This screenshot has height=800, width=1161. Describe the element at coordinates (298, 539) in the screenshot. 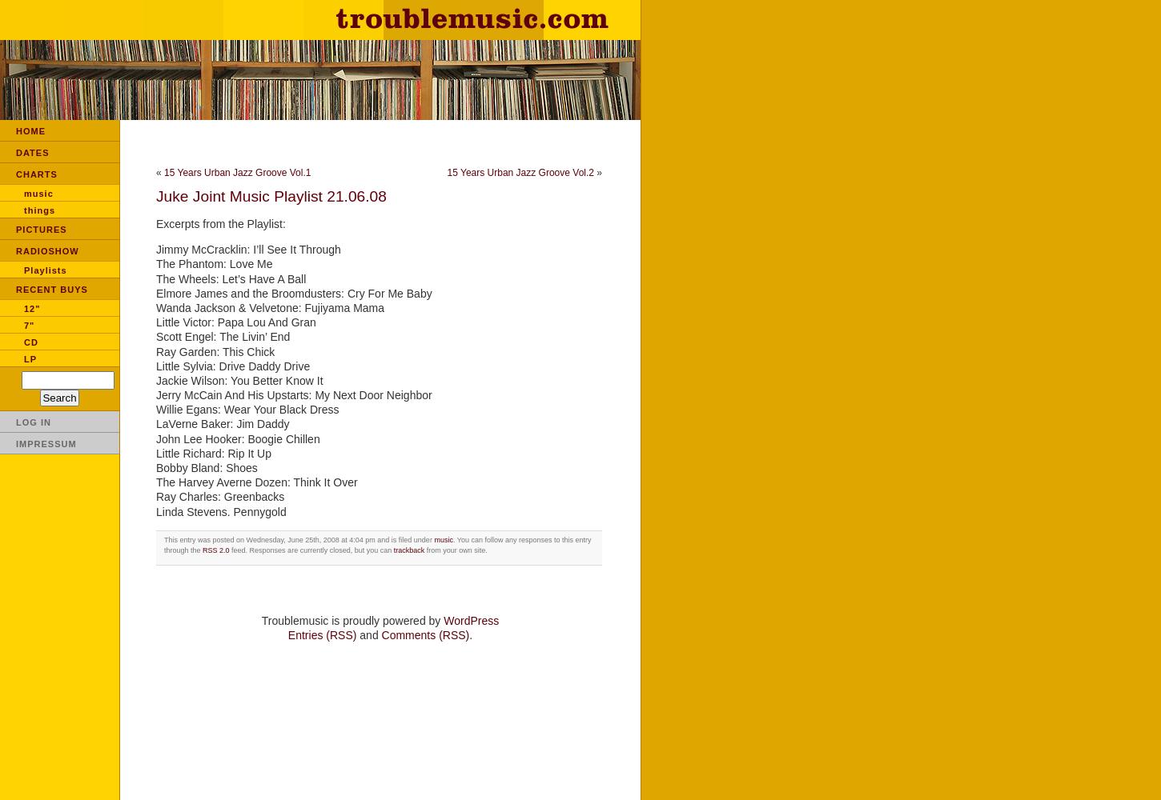

I see `'This entry was posted
						 
						on Wednesday, June 25th, 2008 at 4:04 pm						and is filed under'` at that location.